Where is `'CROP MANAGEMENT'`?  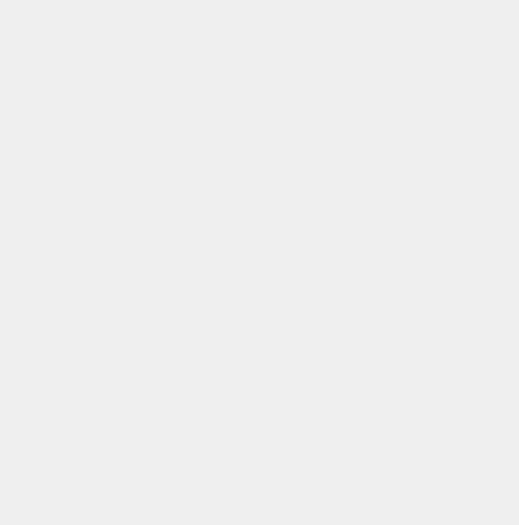
'CROP MANAGEMENT' is located at coordinates (72, 475).